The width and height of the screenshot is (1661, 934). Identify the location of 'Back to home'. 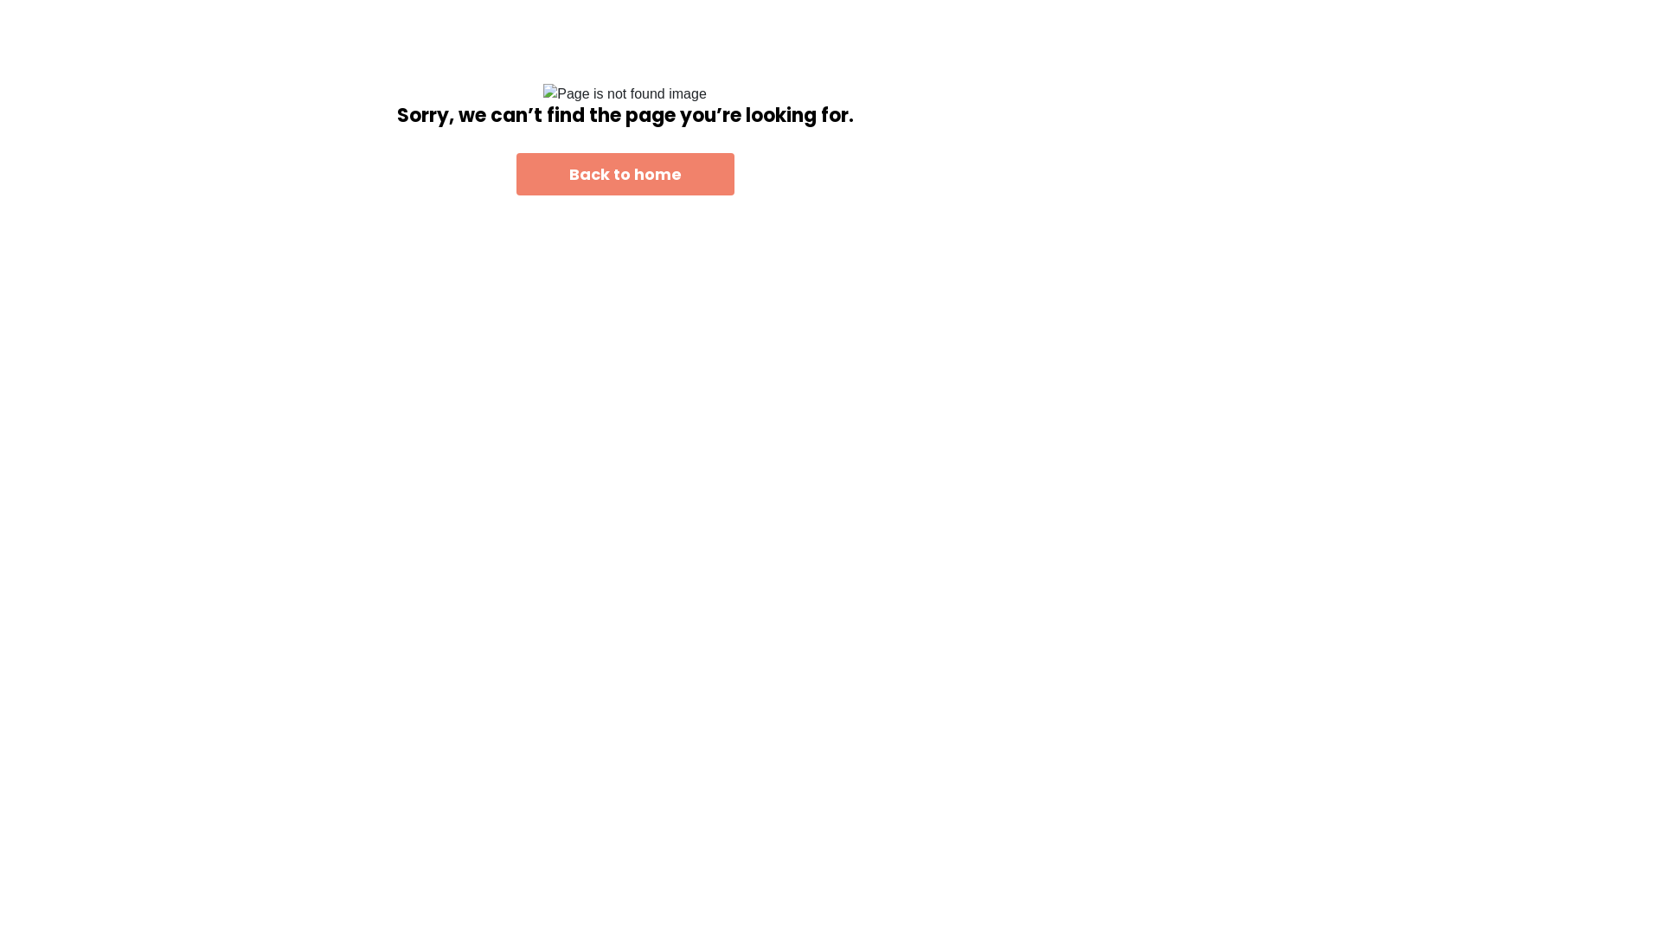
(623, 174).